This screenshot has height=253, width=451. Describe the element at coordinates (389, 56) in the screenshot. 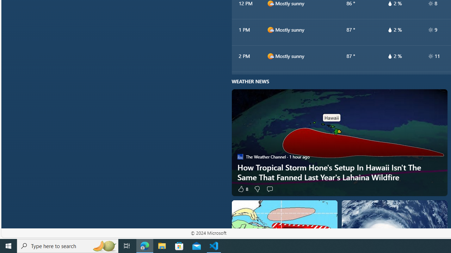

I see `'hourlyTable/drop'` at that location.